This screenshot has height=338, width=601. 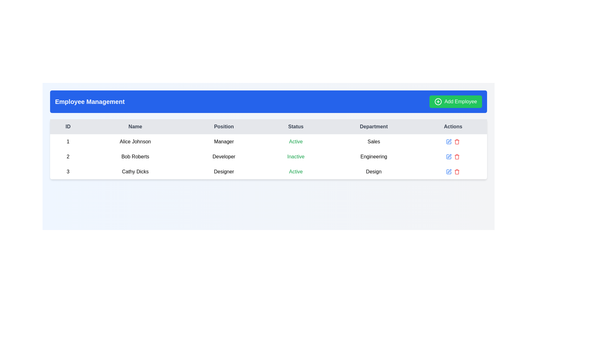 What do you see at coordinates (374, 141) in the screenshot?
I see `the text content of the 'Sales' department label located in the fifth column of the first data row of the table under the header 'Department'` at bounding box center [374, 141].